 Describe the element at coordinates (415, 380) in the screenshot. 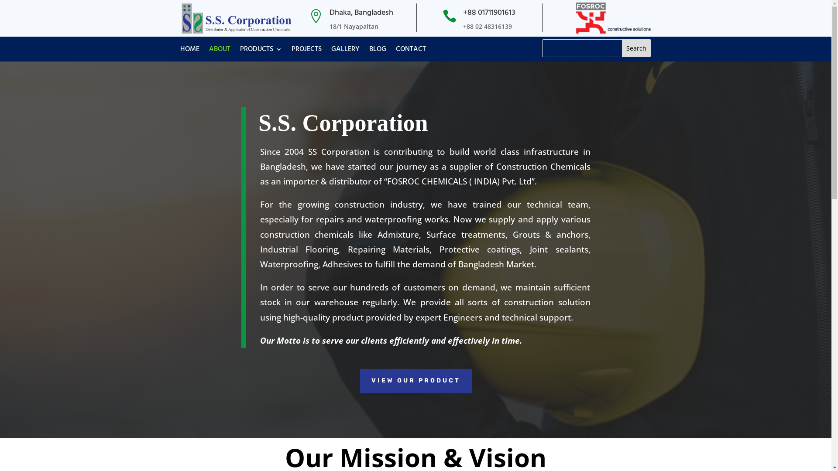

I see `'VIEW OUR PRODUCT'` at that location.